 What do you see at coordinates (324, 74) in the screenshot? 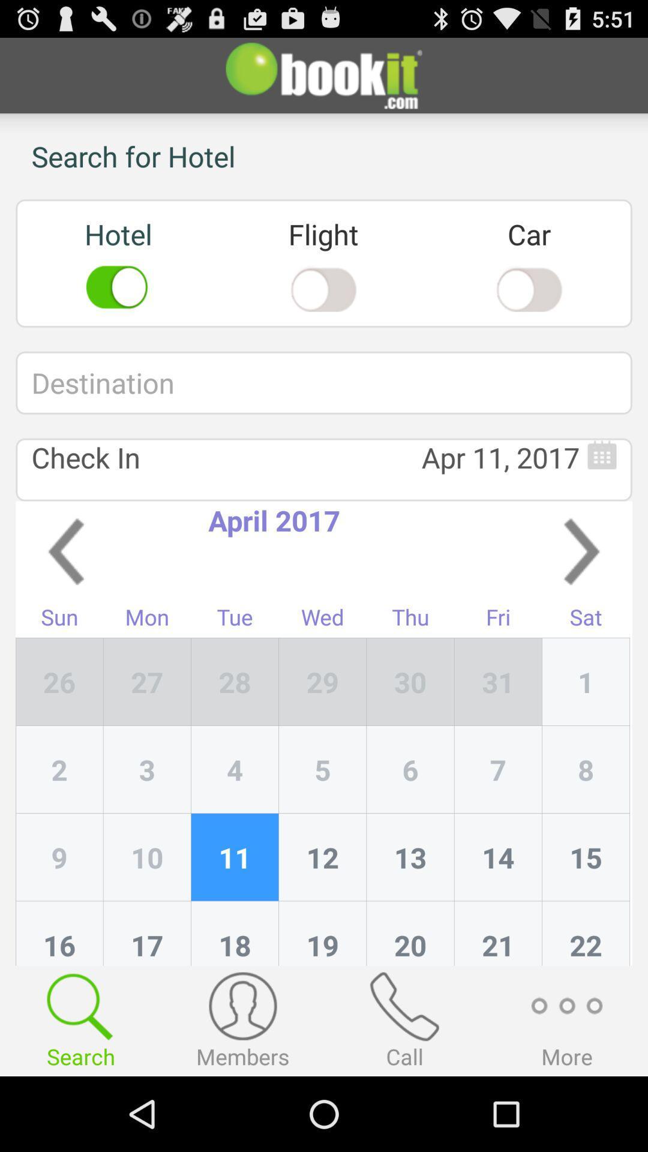
I see `item above the search for hotel app` at bounding box center [324, 74].